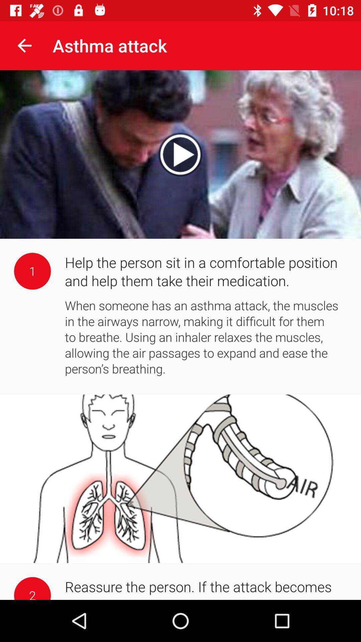 The image size is (361, 642). What do you see at coordinates (24, 45) in the screenshot?
I see `the item to the left of the asthma attack app` at bounding box center [24, 45].